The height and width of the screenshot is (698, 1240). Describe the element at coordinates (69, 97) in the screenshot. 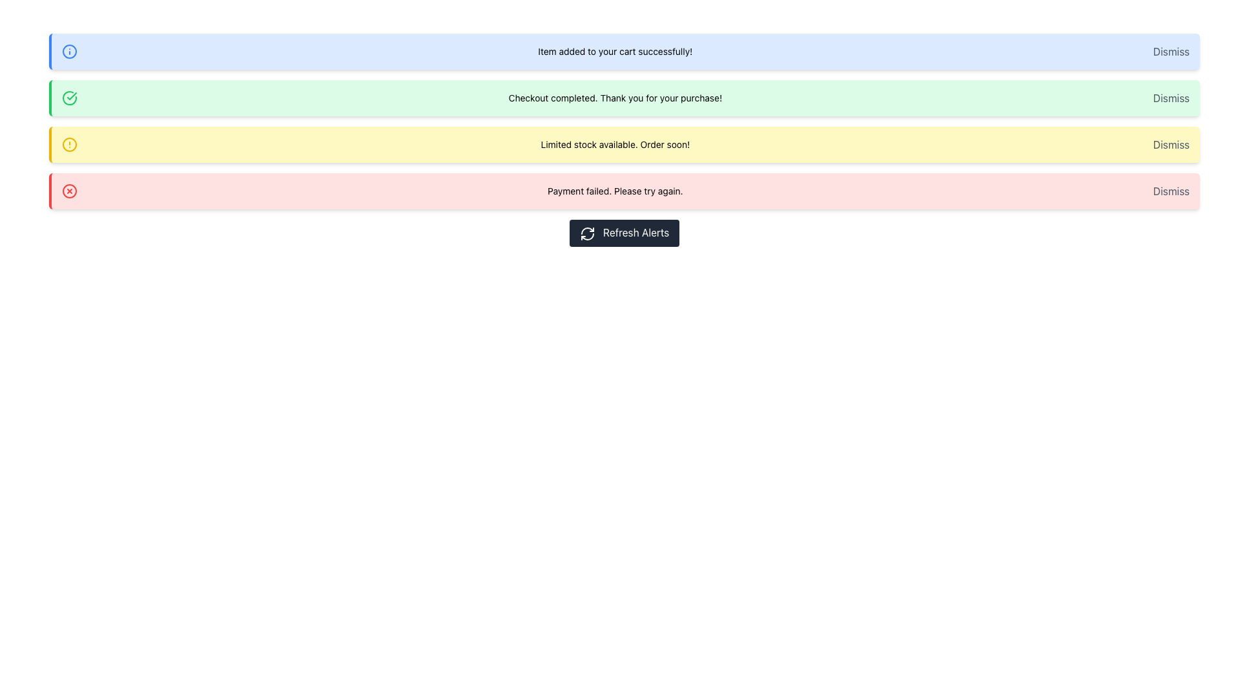

I see `the green circular icon with a check mark inside, located in the top-left corner of the green alert box that contains the message 'Checkout completed. Thank you for your purchase!'` at that location.